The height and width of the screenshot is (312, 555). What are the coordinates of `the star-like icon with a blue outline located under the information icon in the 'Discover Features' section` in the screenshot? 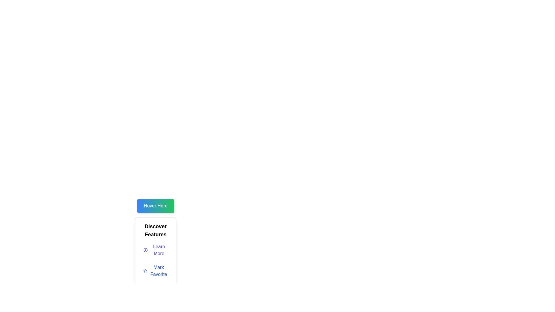 It's located at (145, 271).